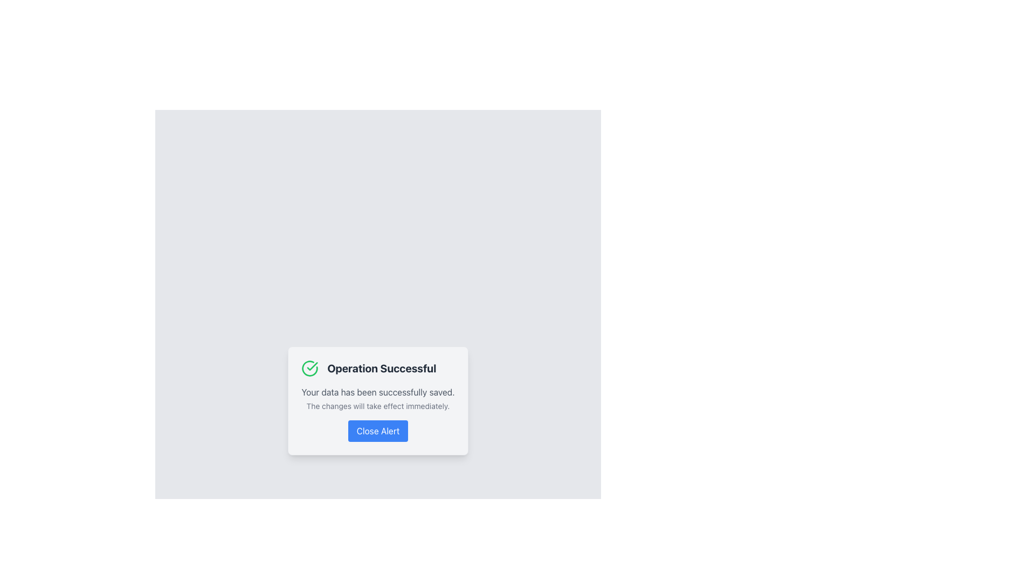  I want to click on the circular green checkmark icon located within the alert message component, positioned to the left of the 'Operation Successful' text headline, so click(309, 368).